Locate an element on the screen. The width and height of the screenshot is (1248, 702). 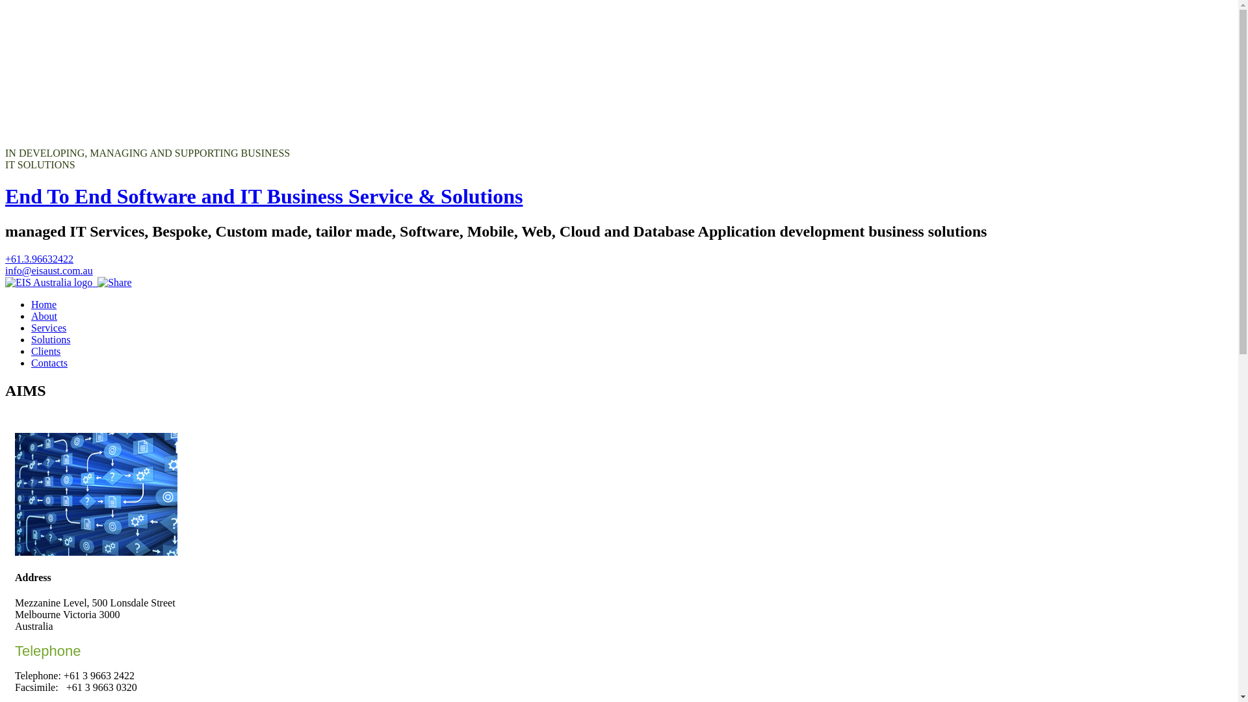
'Contact EIS Australia' is located at coordinates (49, 281).